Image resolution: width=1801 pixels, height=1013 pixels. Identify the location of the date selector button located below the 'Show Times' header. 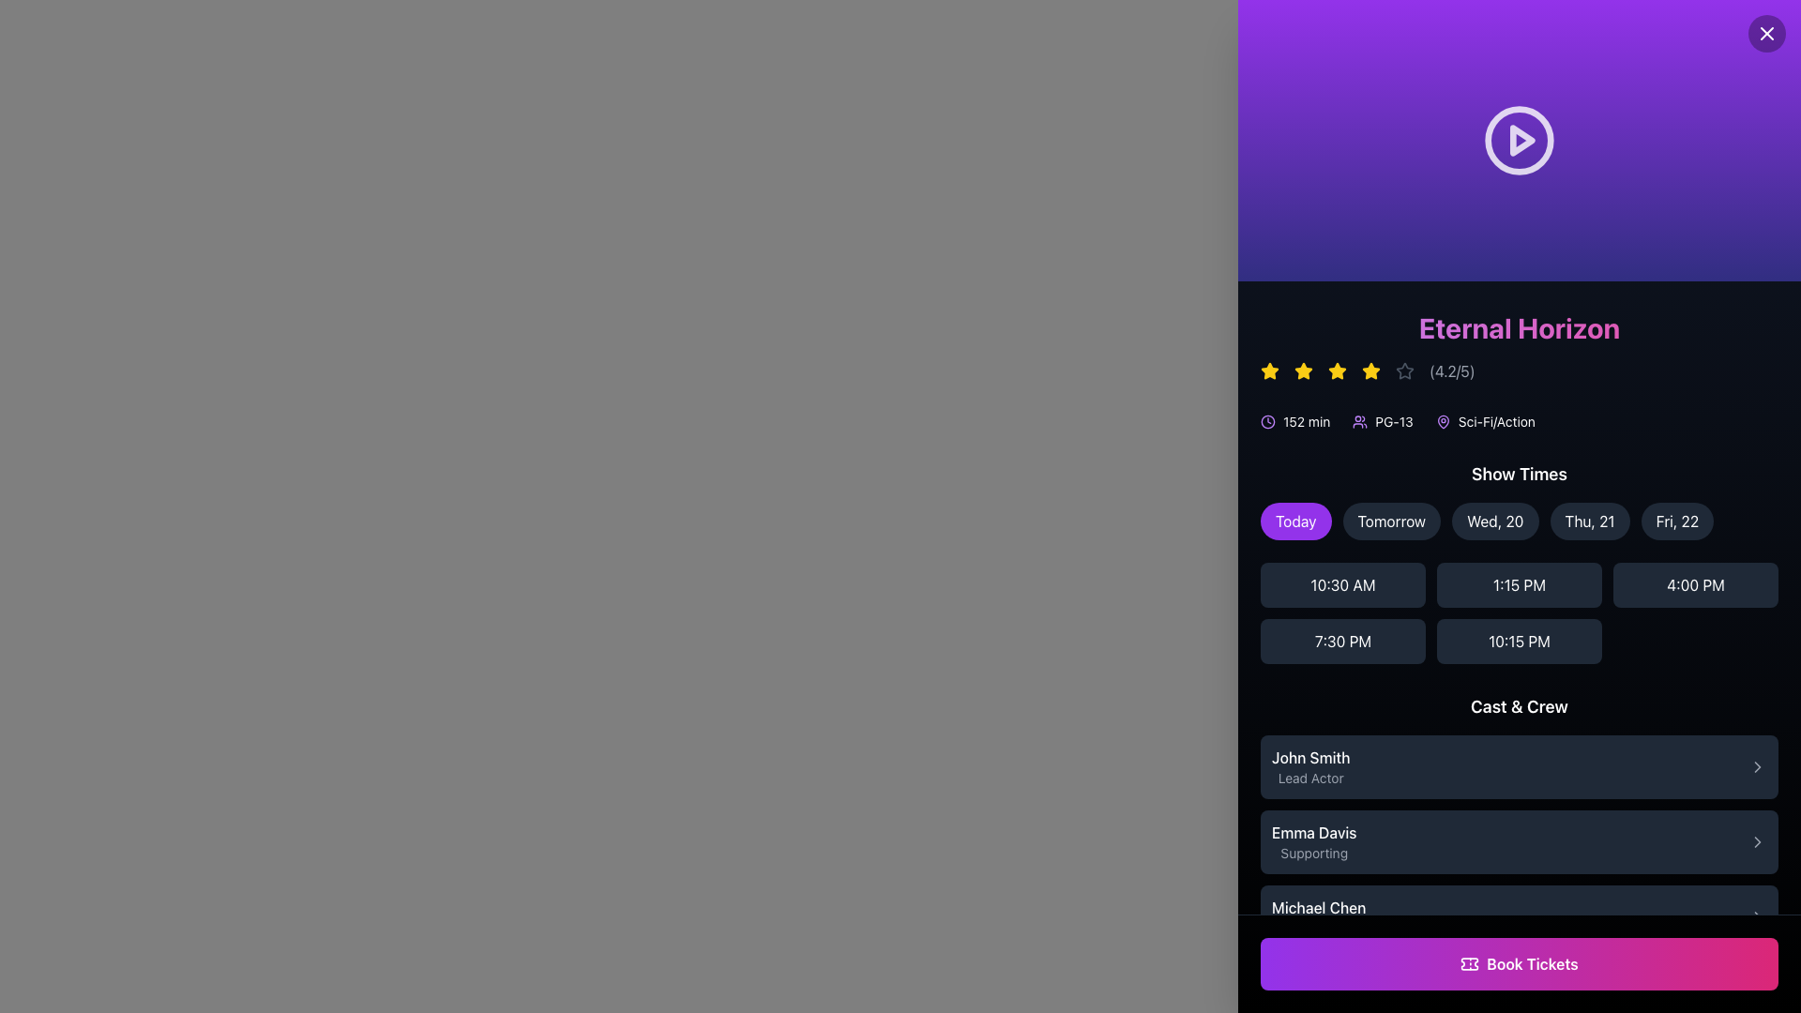
(1520, 524).